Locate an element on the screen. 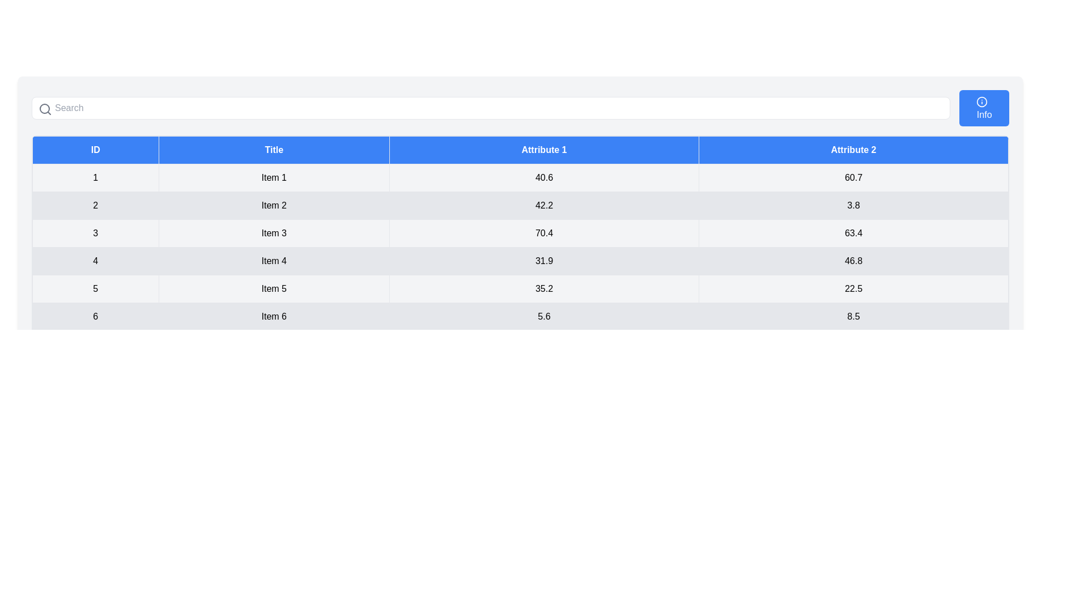 This screenshot has height=612, width=1088. the row corresponding to the ID 1 in the table is located at coordinates (520, 177).